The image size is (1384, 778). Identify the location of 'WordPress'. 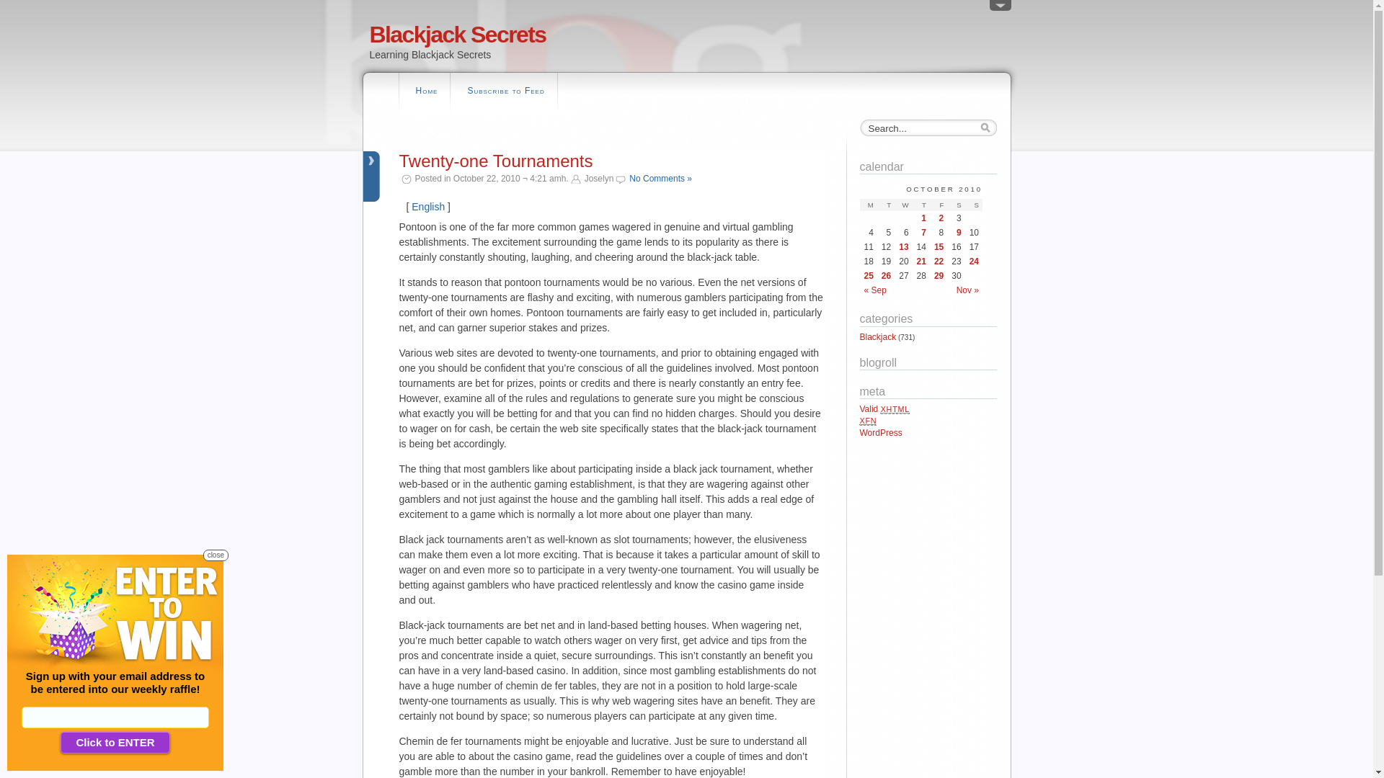
(859, 432).